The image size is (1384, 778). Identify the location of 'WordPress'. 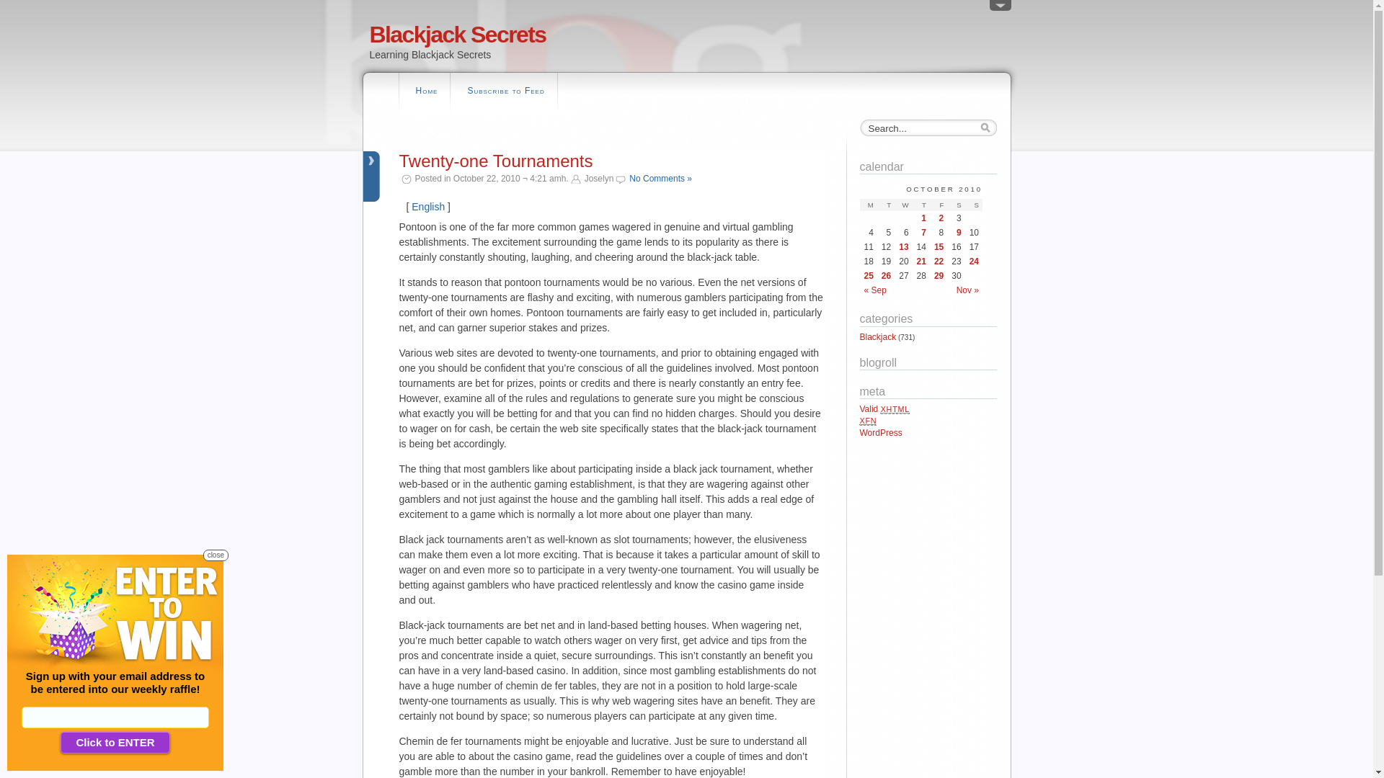
(859, 432).